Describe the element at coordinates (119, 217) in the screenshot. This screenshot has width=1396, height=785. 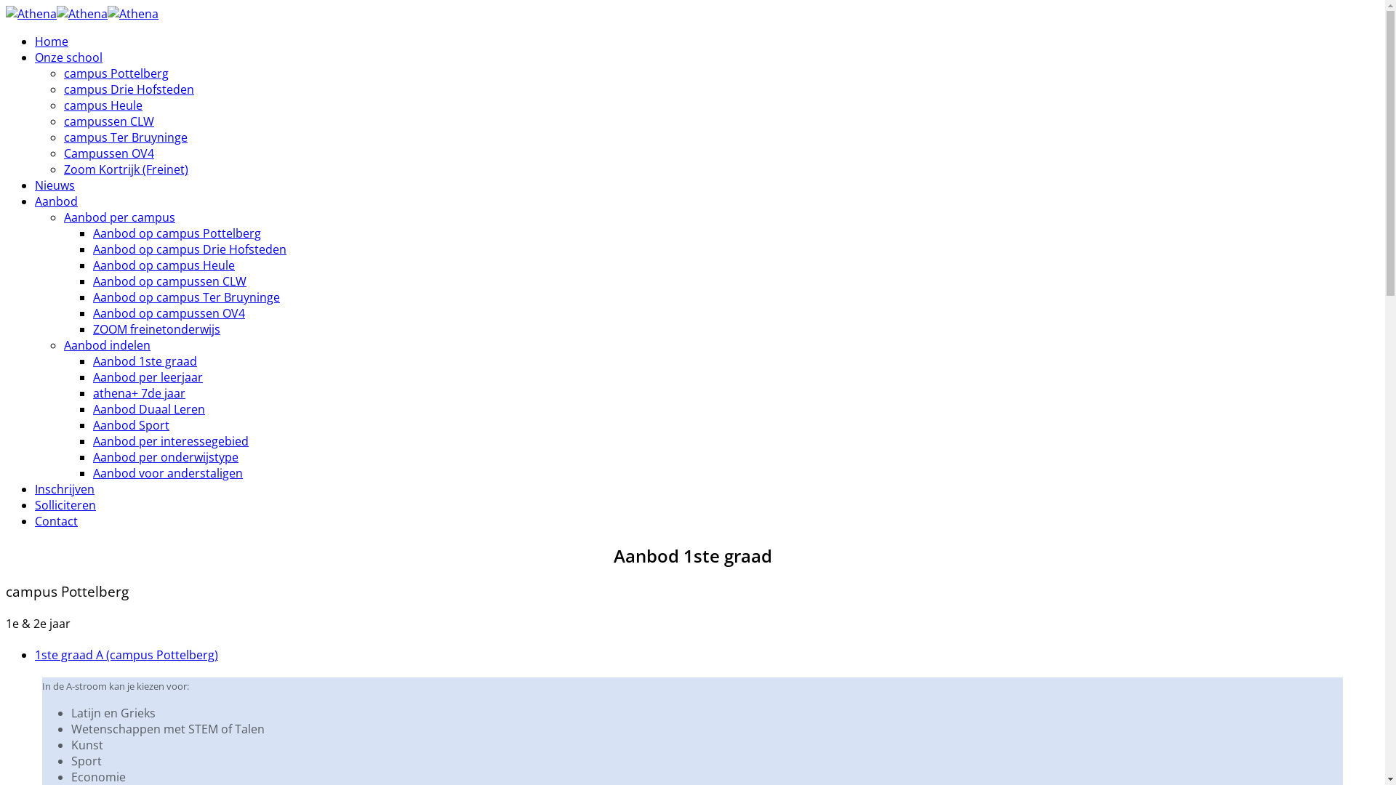
I see `'Aanbod per campus'` at that location.